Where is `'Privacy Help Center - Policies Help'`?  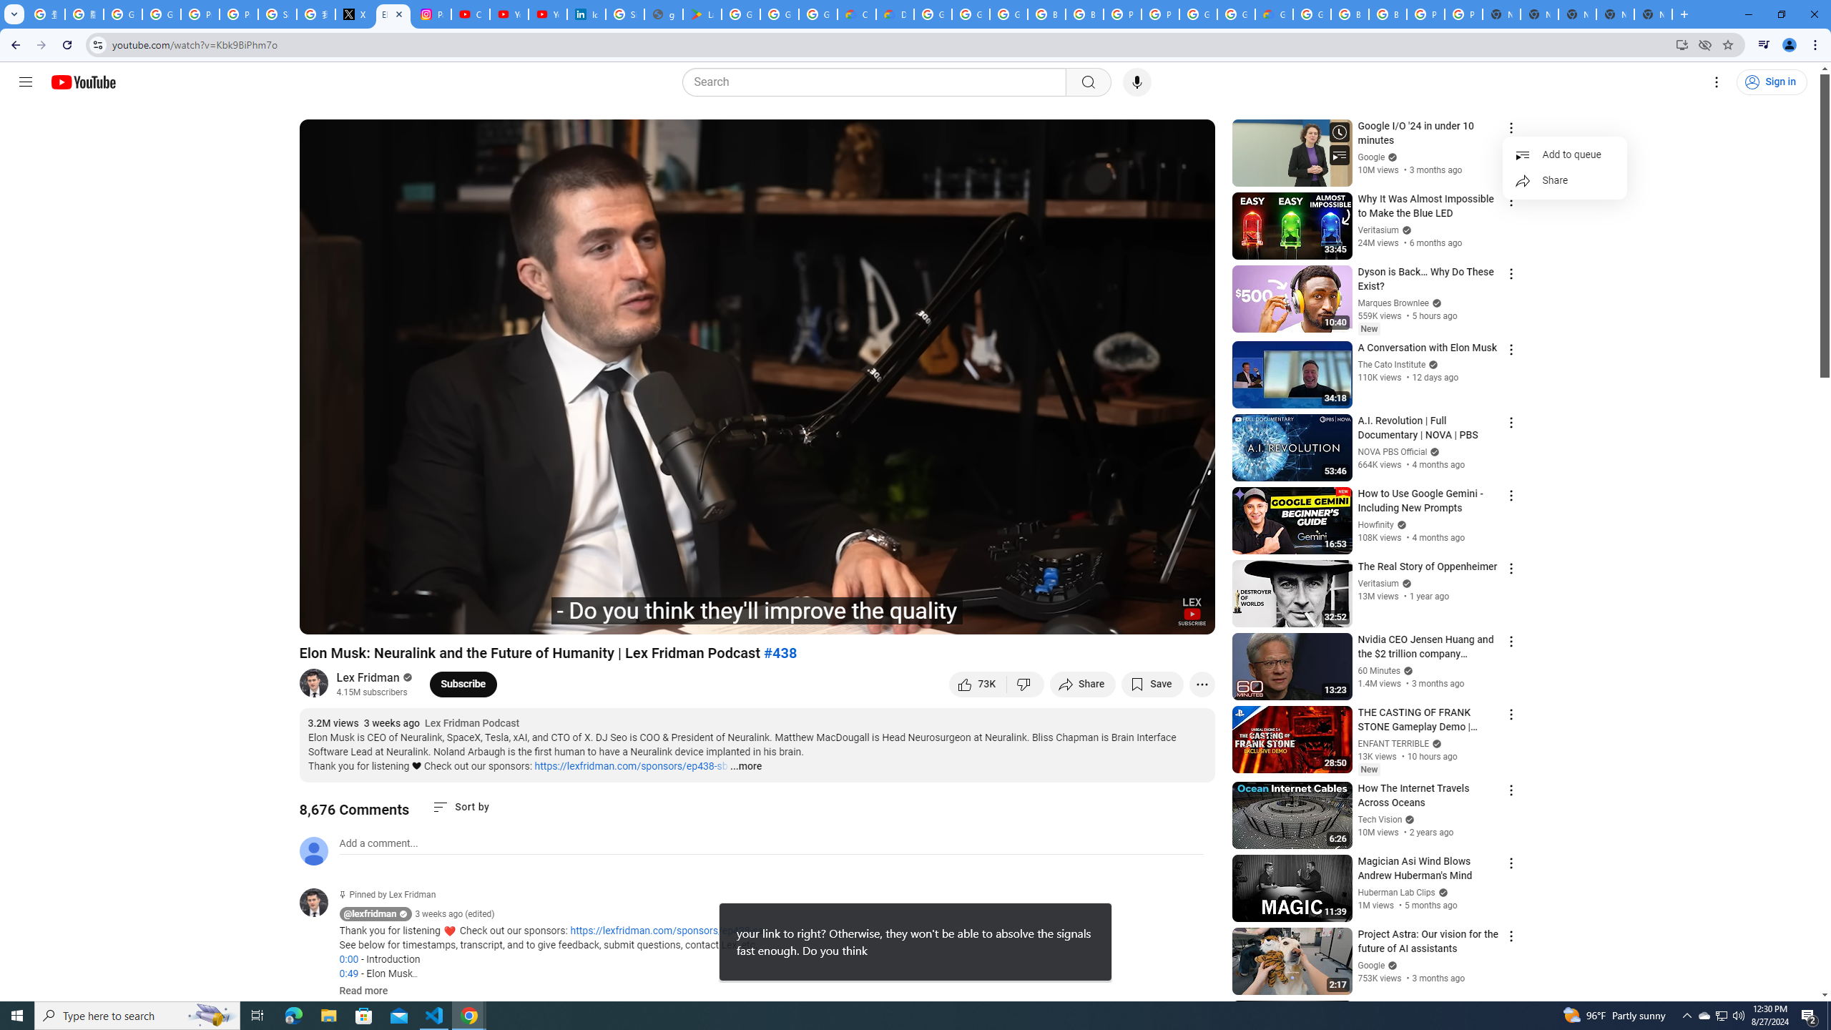 'Privacy Help Center - Policies Help' is located at coordinates (199, 14).